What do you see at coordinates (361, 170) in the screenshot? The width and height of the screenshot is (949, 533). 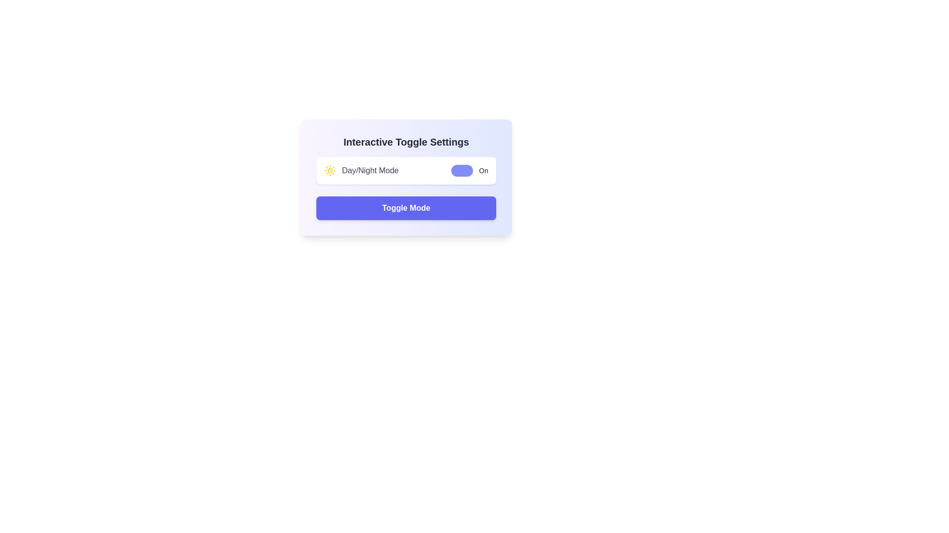 I see `the 'Day/Night Mode' text label` at bounding box center [361, 170].